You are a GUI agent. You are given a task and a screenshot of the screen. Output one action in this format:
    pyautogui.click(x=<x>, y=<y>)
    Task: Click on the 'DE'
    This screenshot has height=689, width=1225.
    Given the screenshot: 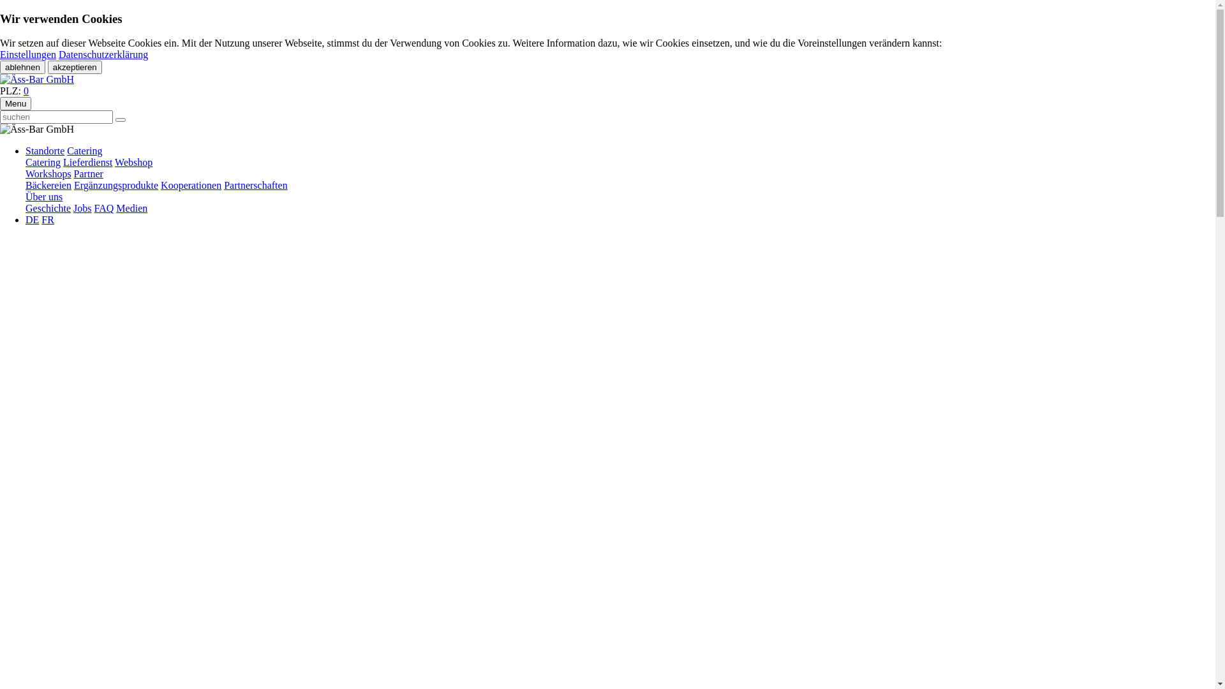 What is the action you would take?
    pyautogui.click(x=32, y=219)
    